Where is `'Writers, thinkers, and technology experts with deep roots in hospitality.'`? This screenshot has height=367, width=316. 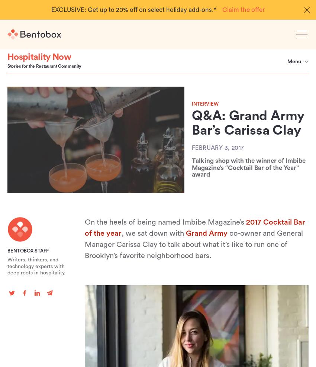 'Writers, thinkers, and technology experts with deep roots in hospitality.' is located at coordinates (36, 266).